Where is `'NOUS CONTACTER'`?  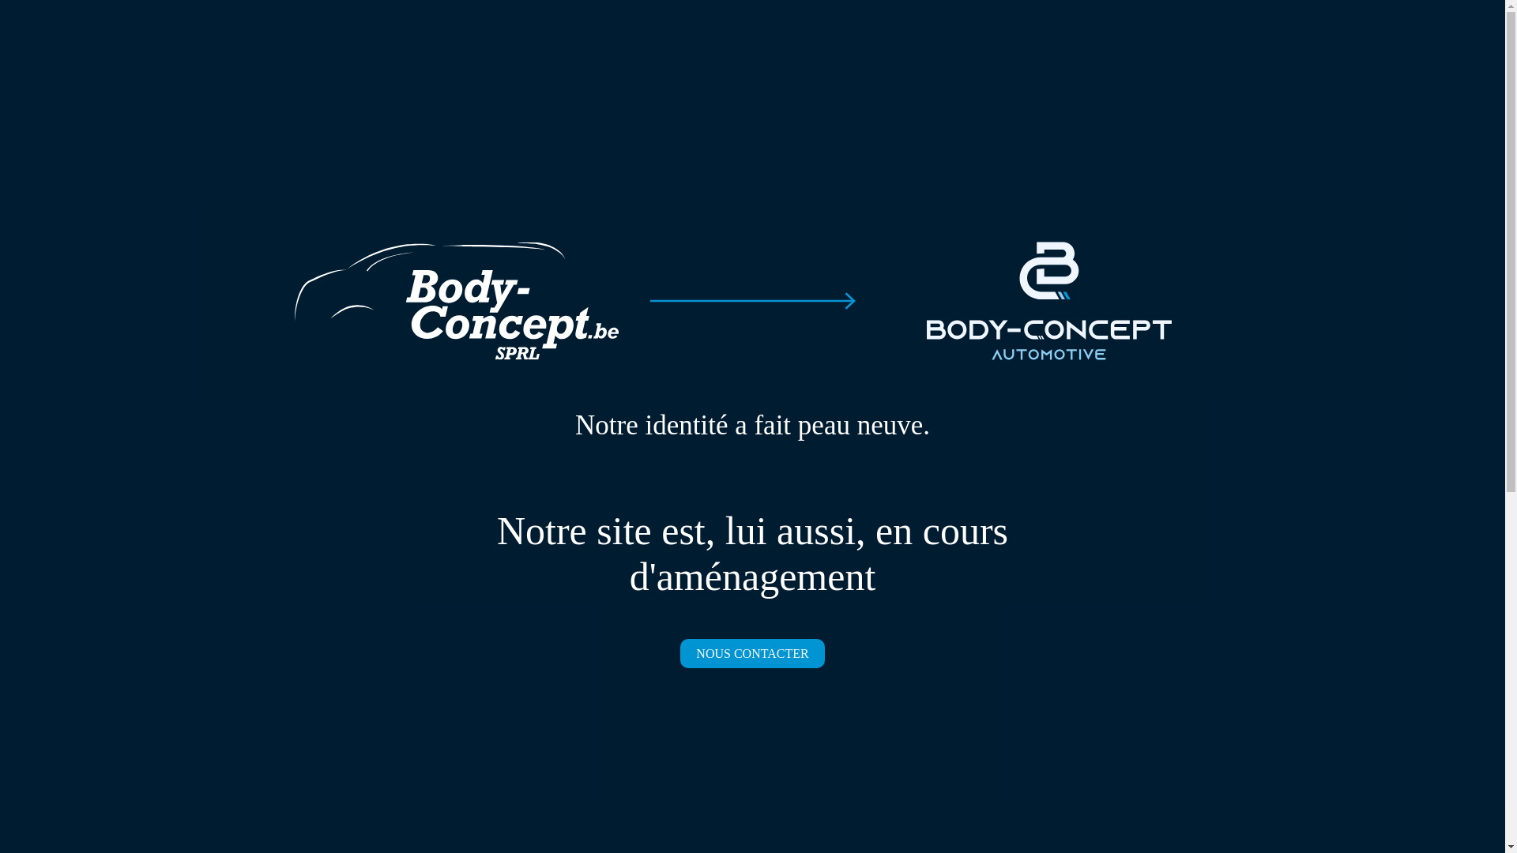
'NOUS CONTACTER' is located at coordinates (751, 653).